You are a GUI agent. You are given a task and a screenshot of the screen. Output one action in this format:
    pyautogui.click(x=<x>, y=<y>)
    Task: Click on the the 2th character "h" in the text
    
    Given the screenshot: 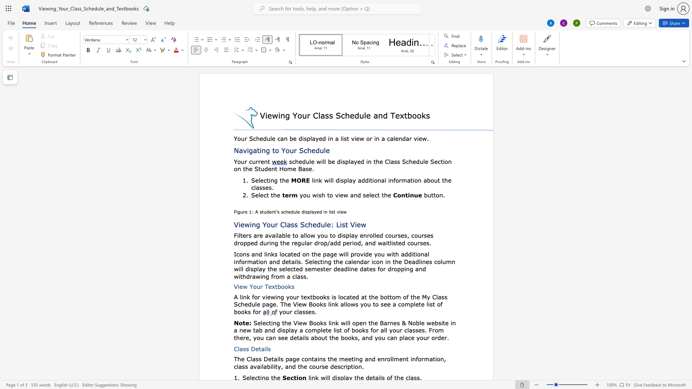 What is the action you would take?
    pyautogui.click(x=385, y=195)
    